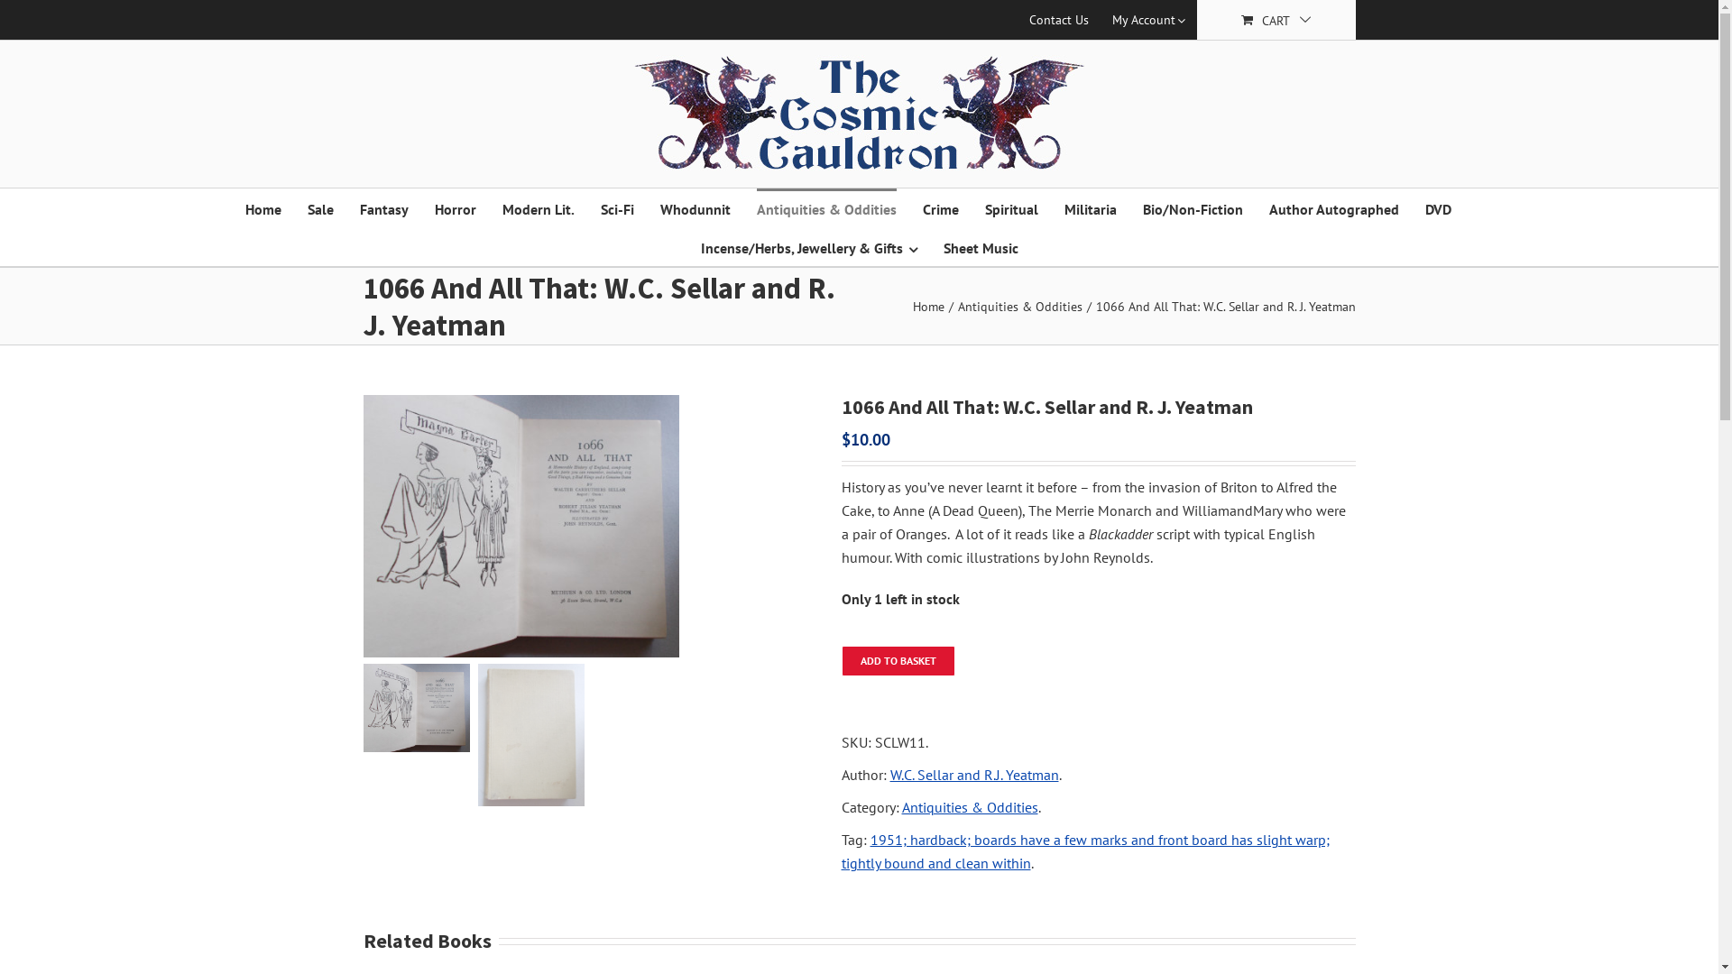  I want to click on '1066 and all that', so click(362, 526).